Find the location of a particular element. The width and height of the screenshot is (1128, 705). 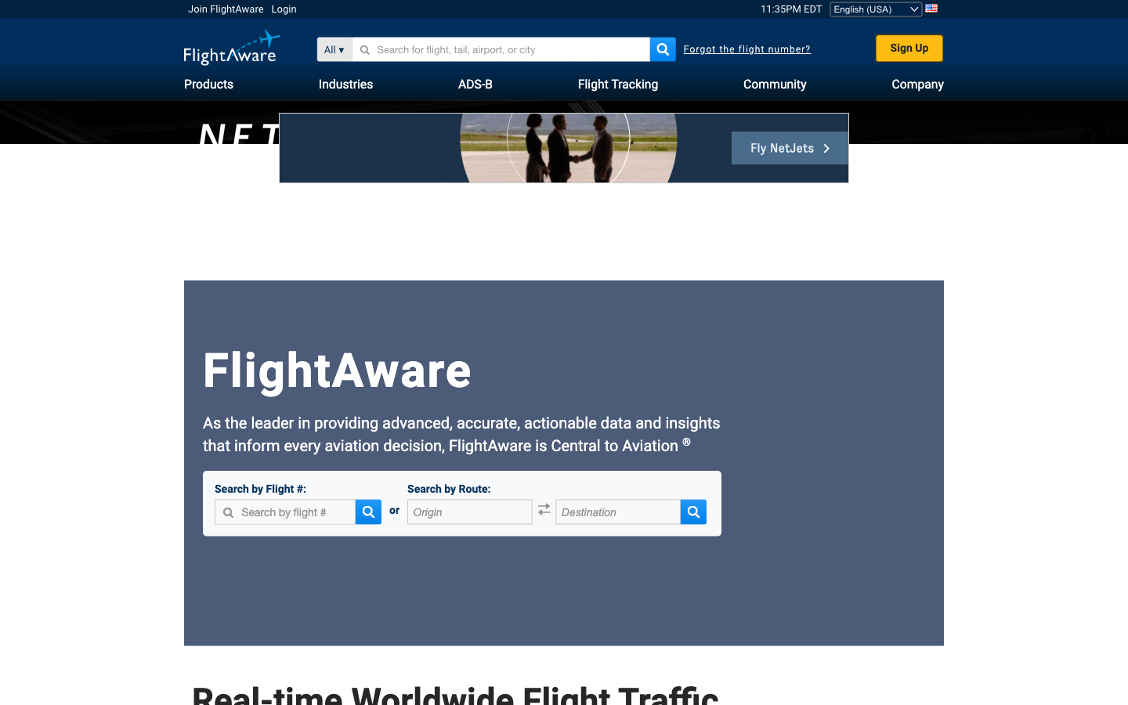

a flight search by entering "Pittsburgh" as the starting point and "JFK" as the destination, using keyboard controls to move between entry fields is located at coordinates (470, 513).